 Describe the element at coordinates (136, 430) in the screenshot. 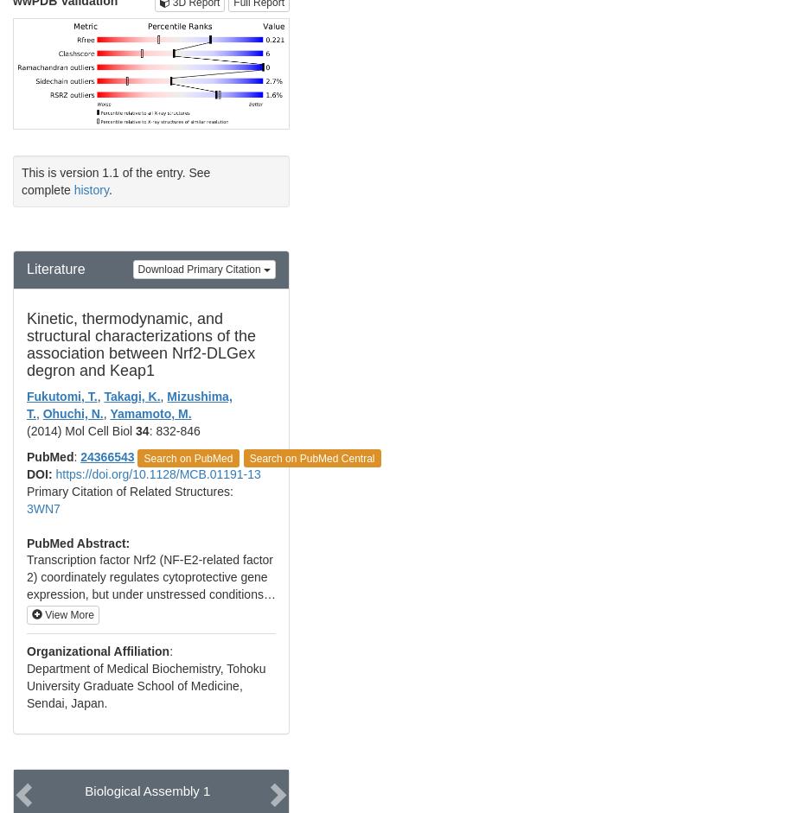

I see `'34'` at that location.